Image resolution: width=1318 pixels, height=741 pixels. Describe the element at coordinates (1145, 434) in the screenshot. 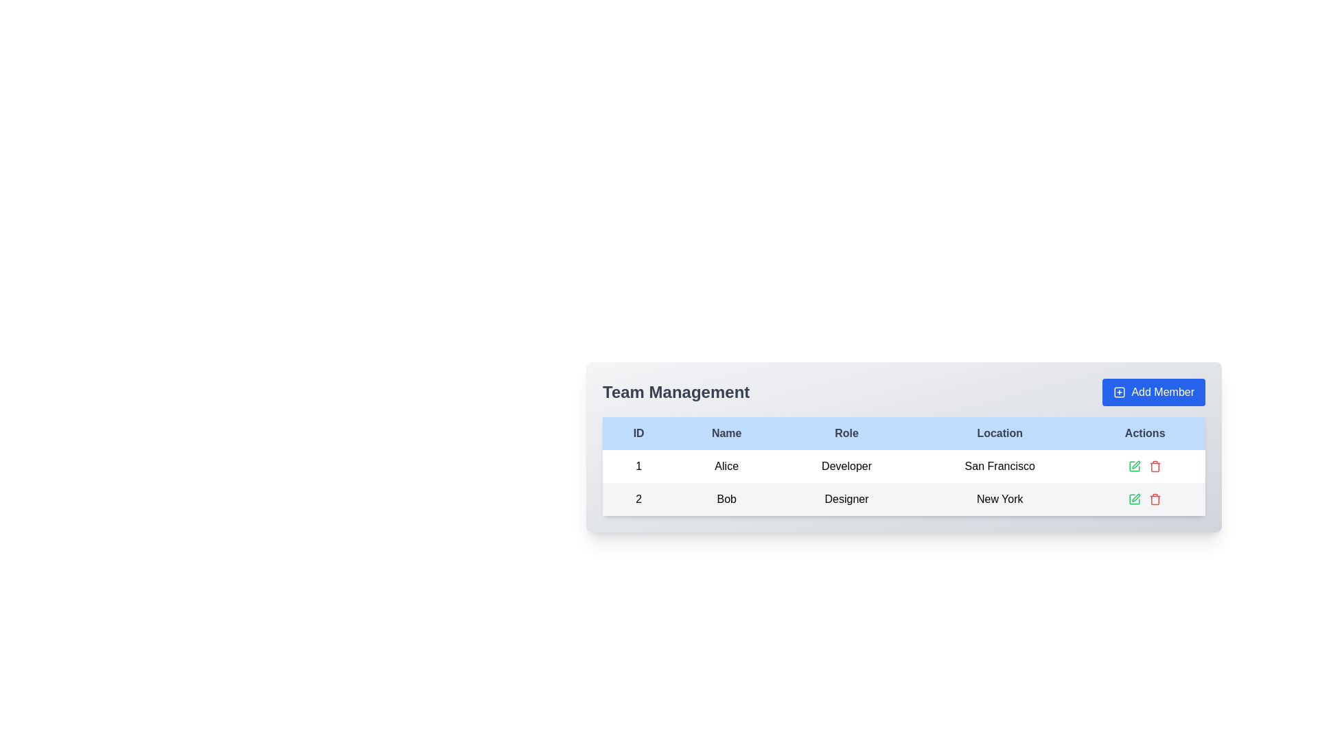

I see `the 'Actions' text label, which is the last cell in the header row of the data table, styled in bold dark text on a light blue background` at that location.